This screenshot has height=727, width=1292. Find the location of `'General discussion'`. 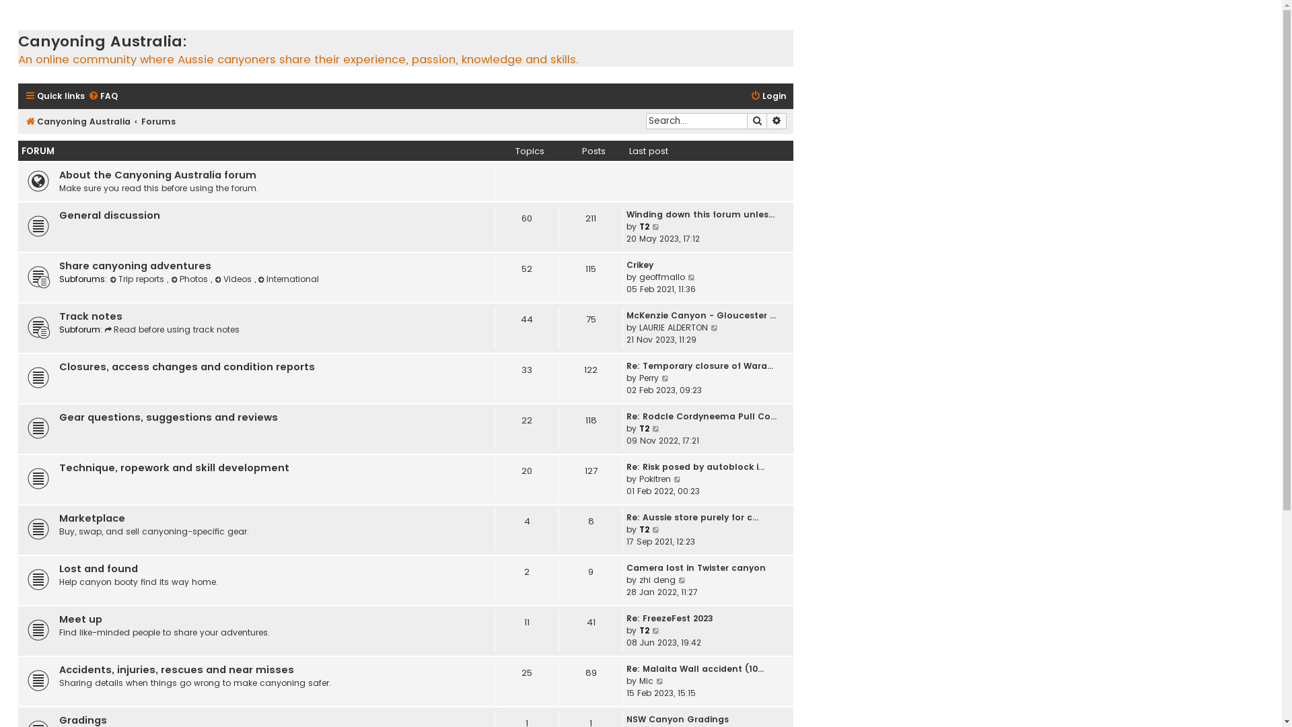

'General discussion' is located at coordinates (110, 215).